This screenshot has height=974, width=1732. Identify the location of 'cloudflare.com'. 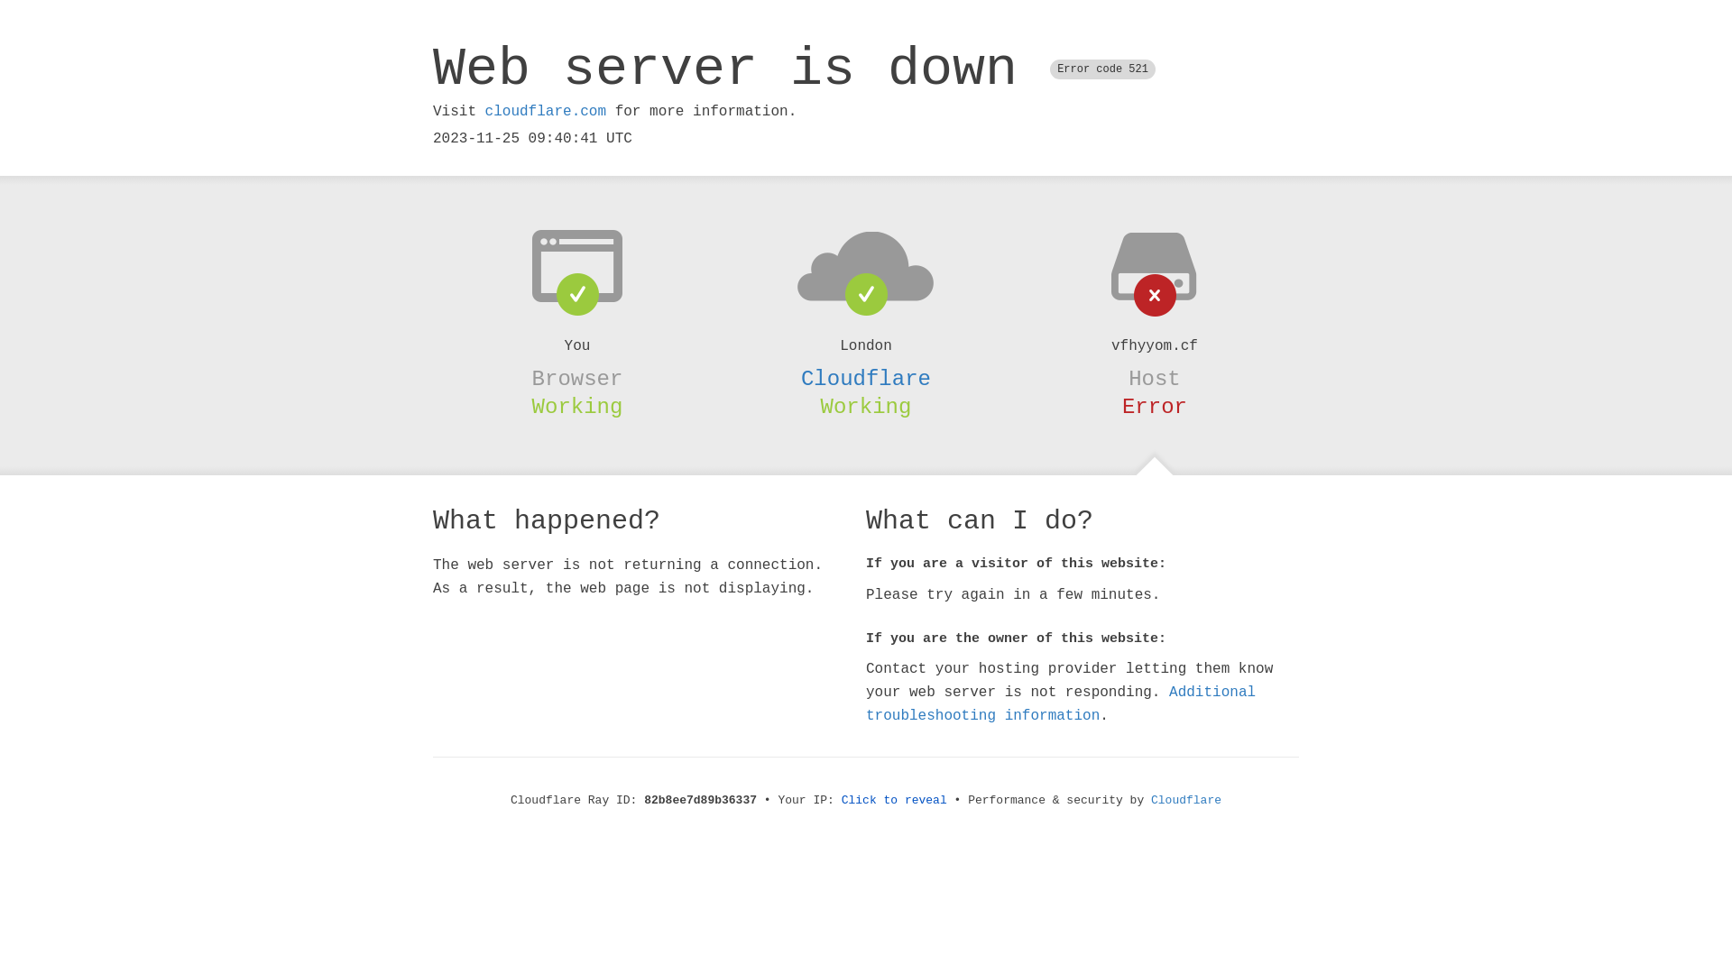
(544, 111).